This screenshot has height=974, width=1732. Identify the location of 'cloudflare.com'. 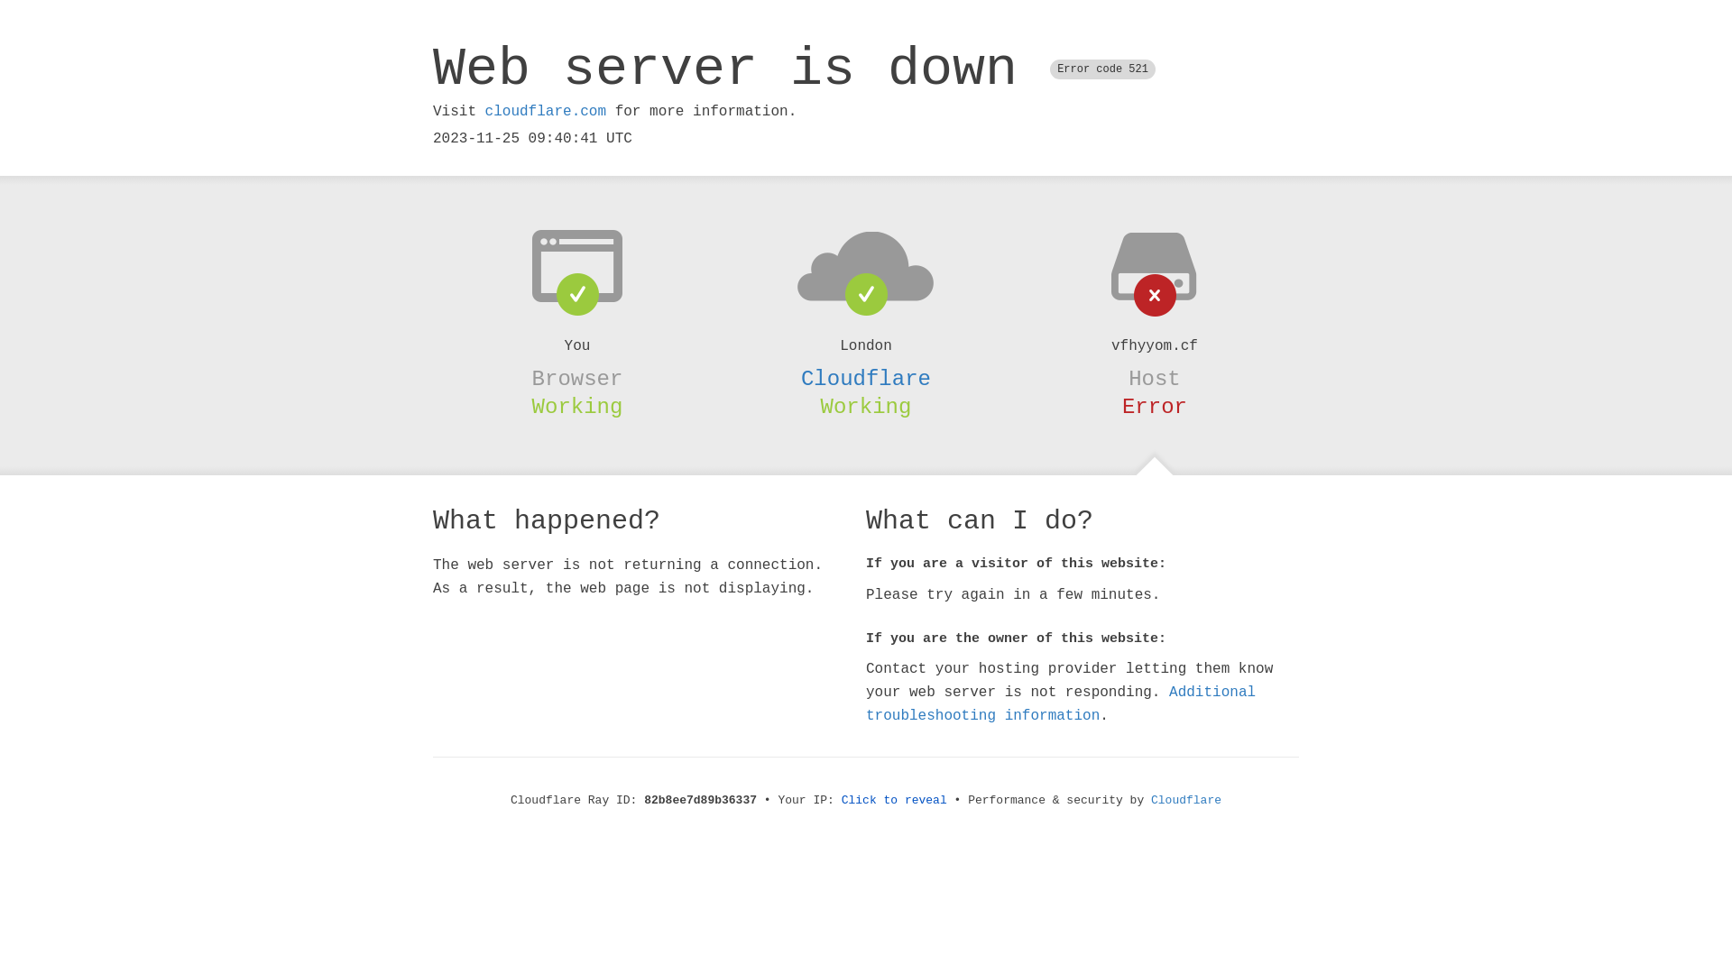
(544, 111).